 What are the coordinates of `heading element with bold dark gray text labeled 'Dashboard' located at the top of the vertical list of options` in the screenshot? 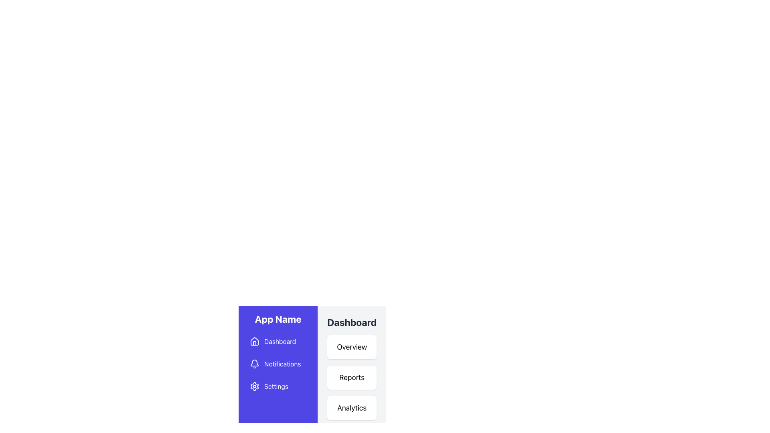 It's located at (352, 322).